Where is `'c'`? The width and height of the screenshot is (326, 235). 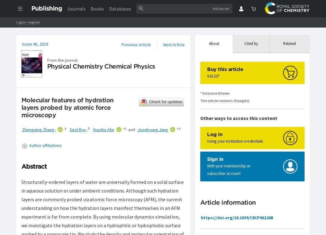 'c' is located at coordinates (125, 128).